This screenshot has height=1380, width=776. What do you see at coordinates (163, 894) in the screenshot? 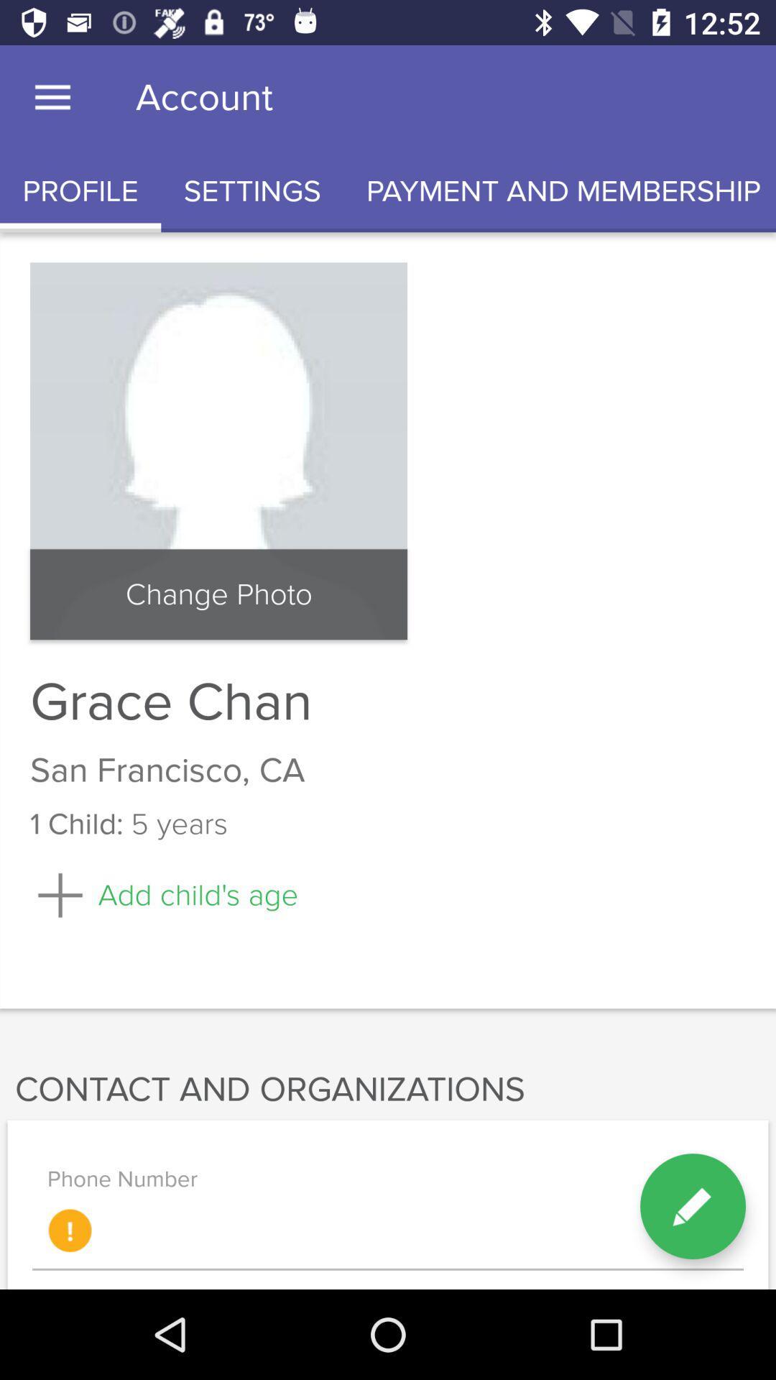
I see `the icon below 1 child:` at bounding box center [163, 894].